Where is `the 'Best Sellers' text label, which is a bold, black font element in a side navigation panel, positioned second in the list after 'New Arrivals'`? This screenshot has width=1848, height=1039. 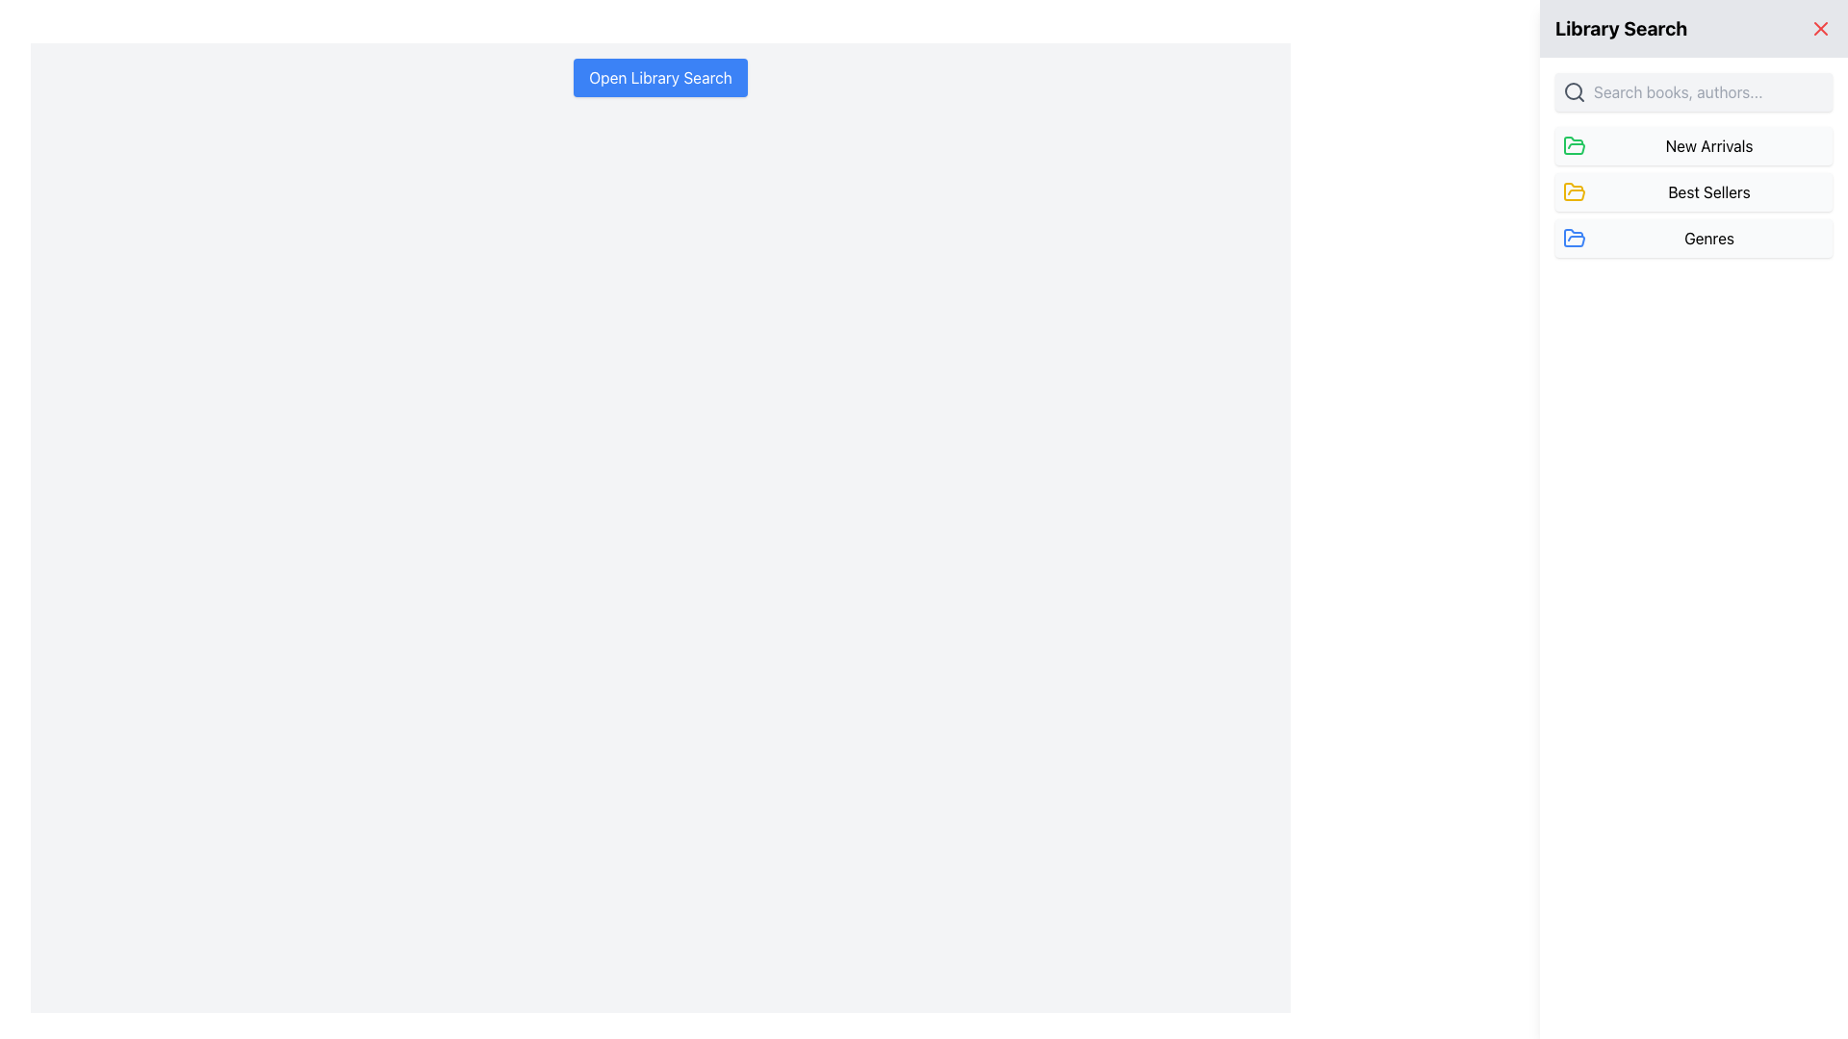
the 'Best Sellers' text label, which is a bold, black font element in a side navigation panel, positioned second in the list after 'New Arrivals' is located at coordinates (1709, 192).